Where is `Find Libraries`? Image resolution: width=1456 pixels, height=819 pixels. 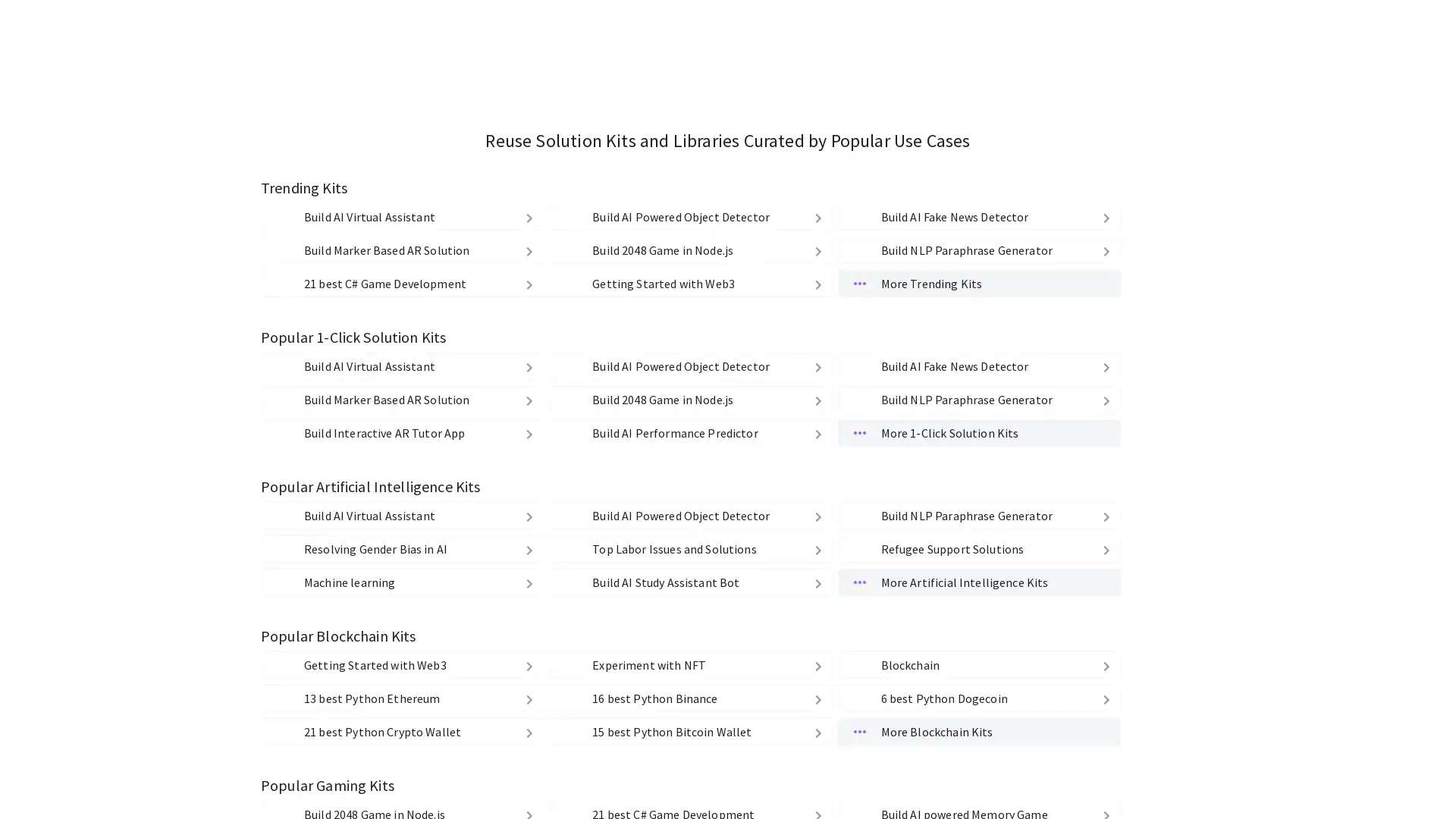
Find Libraries is located at coordinates (1143, 22).